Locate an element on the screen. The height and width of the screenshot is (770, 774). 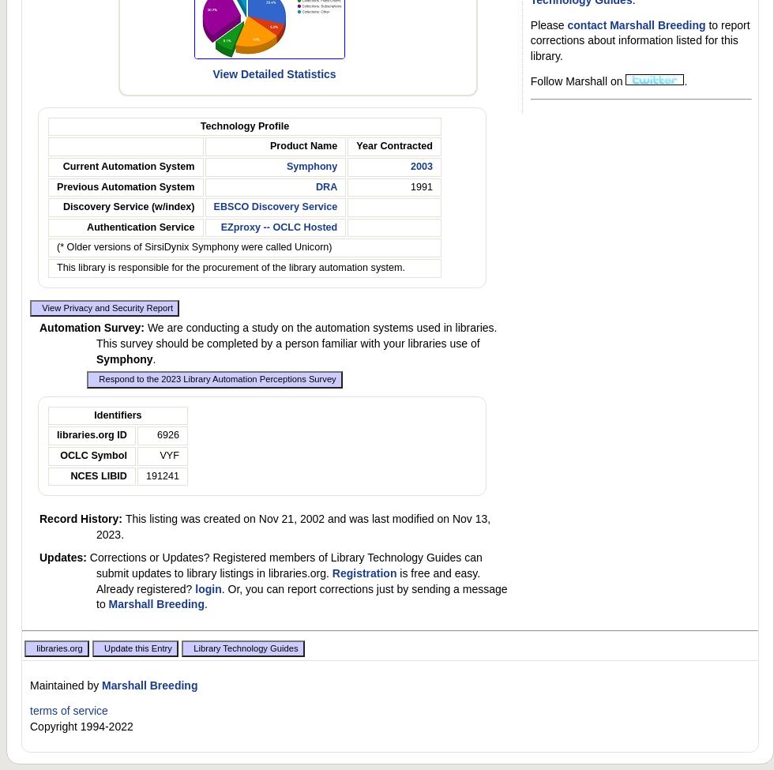
'Corrections or Updates?  Registered members of Library Technology Guides can submit updates to library listings in libraries.org.' is located at coordinates (285, 565).